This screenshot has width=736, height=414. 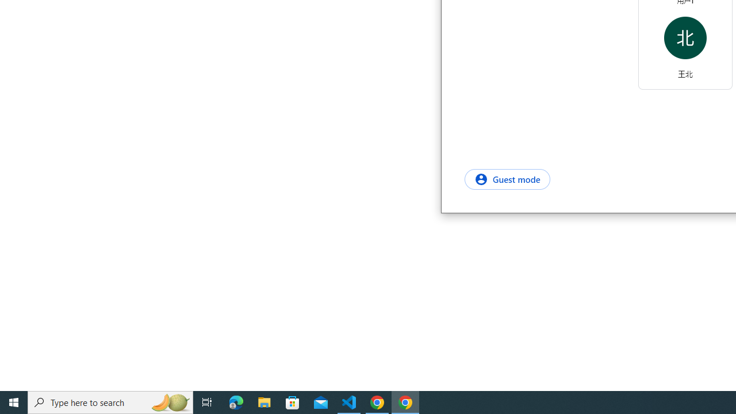 I want to click on 'Visual Studio Code - 1 running window', so click(x=348, y=401).